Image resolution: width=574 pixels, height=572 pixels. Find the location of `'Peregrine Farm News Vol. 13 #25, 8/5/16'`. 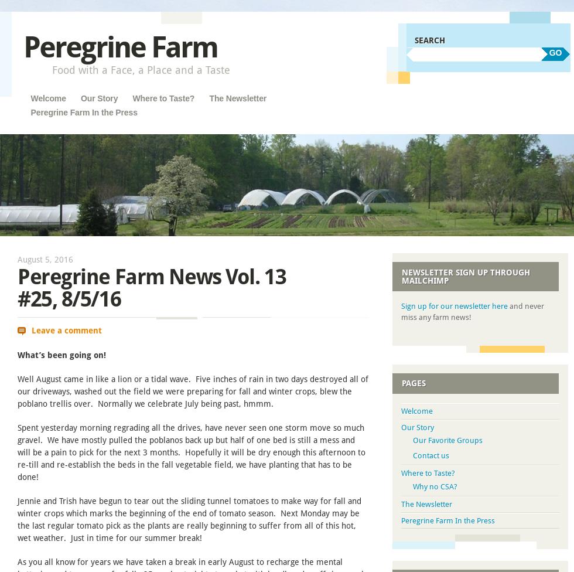

'Peregrine Farm News Vol. 13 #25, 8/5/16' is located at coordinates (152, 288).